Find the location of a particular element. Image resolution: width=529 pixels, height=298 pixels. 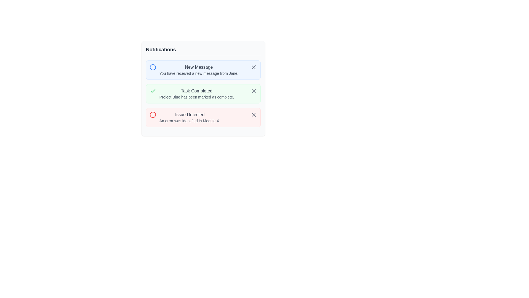

the 'New Message' text element is located at coordinates (198, 67).